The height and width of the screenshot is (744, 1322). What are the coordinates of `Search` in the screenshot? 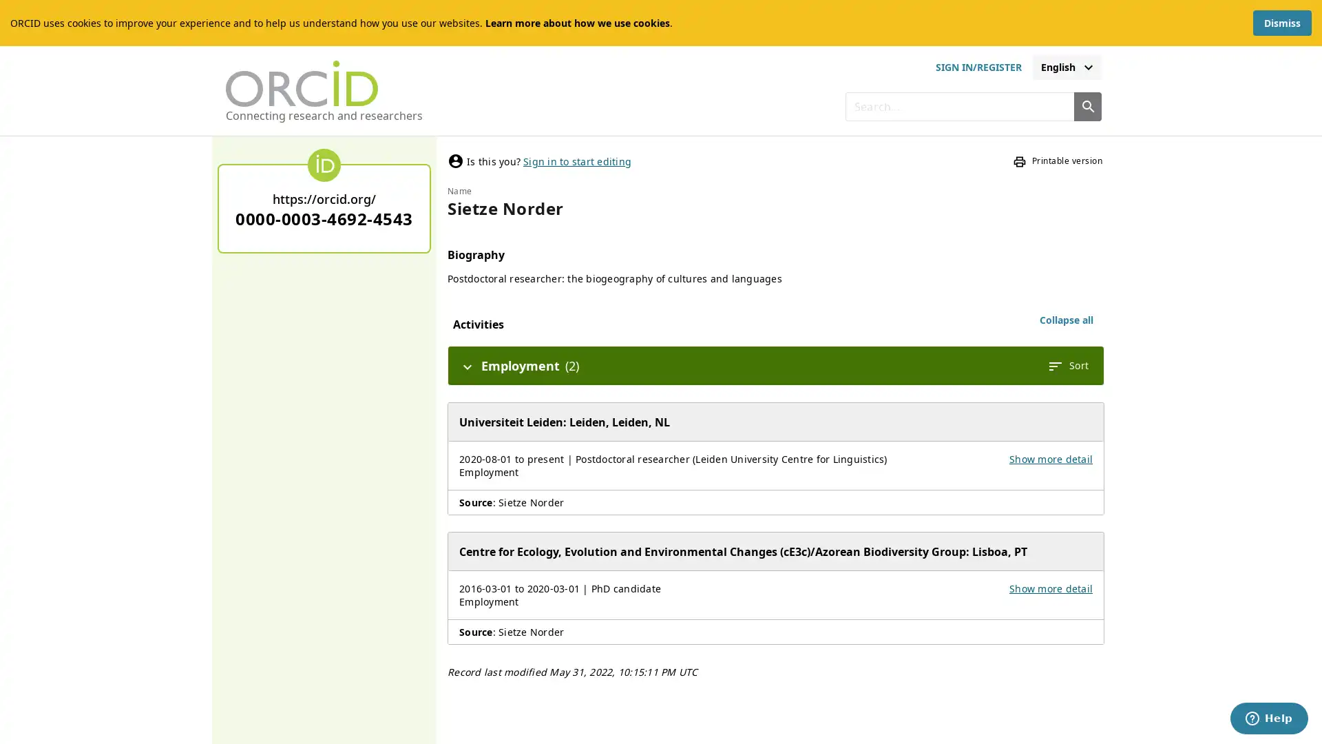 It's located at (1087, 105).